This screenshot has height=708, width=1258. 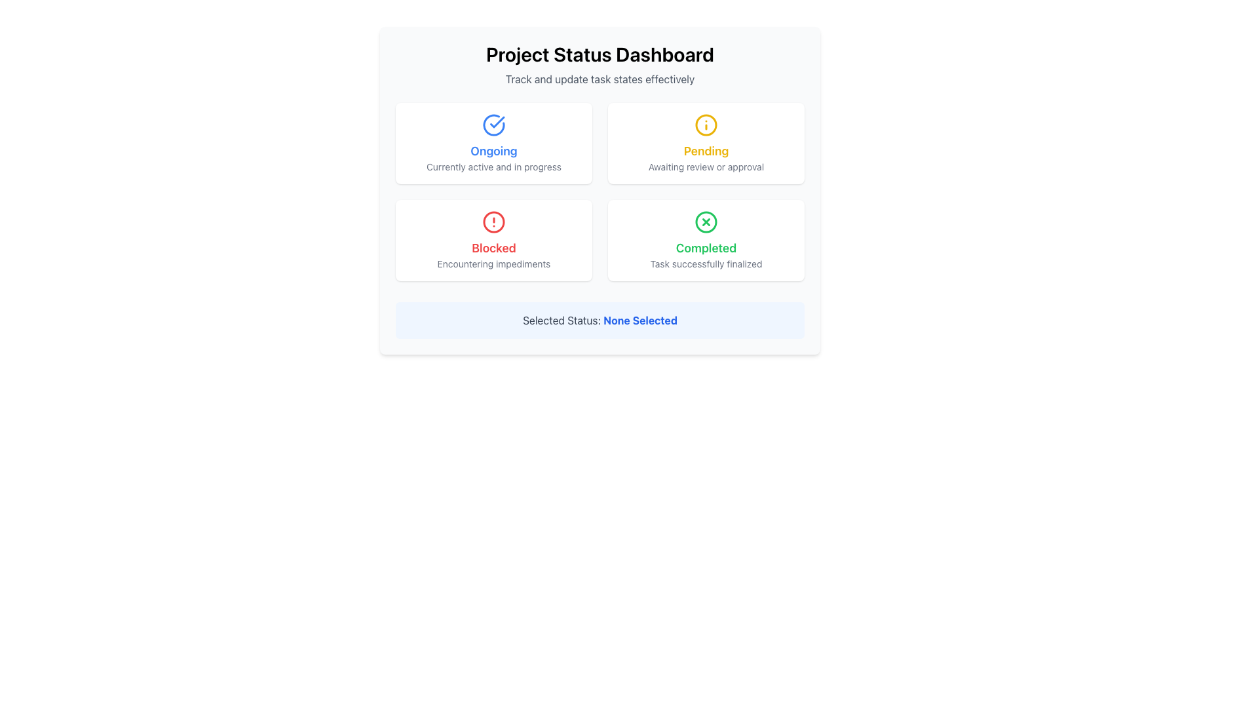 What do you see at coordinates (600, 79) in the screenshot?
I see `the small gray textual description located immediately below the 'Project Status Dashboard' title in the interface` at bounding box center [600, 79].